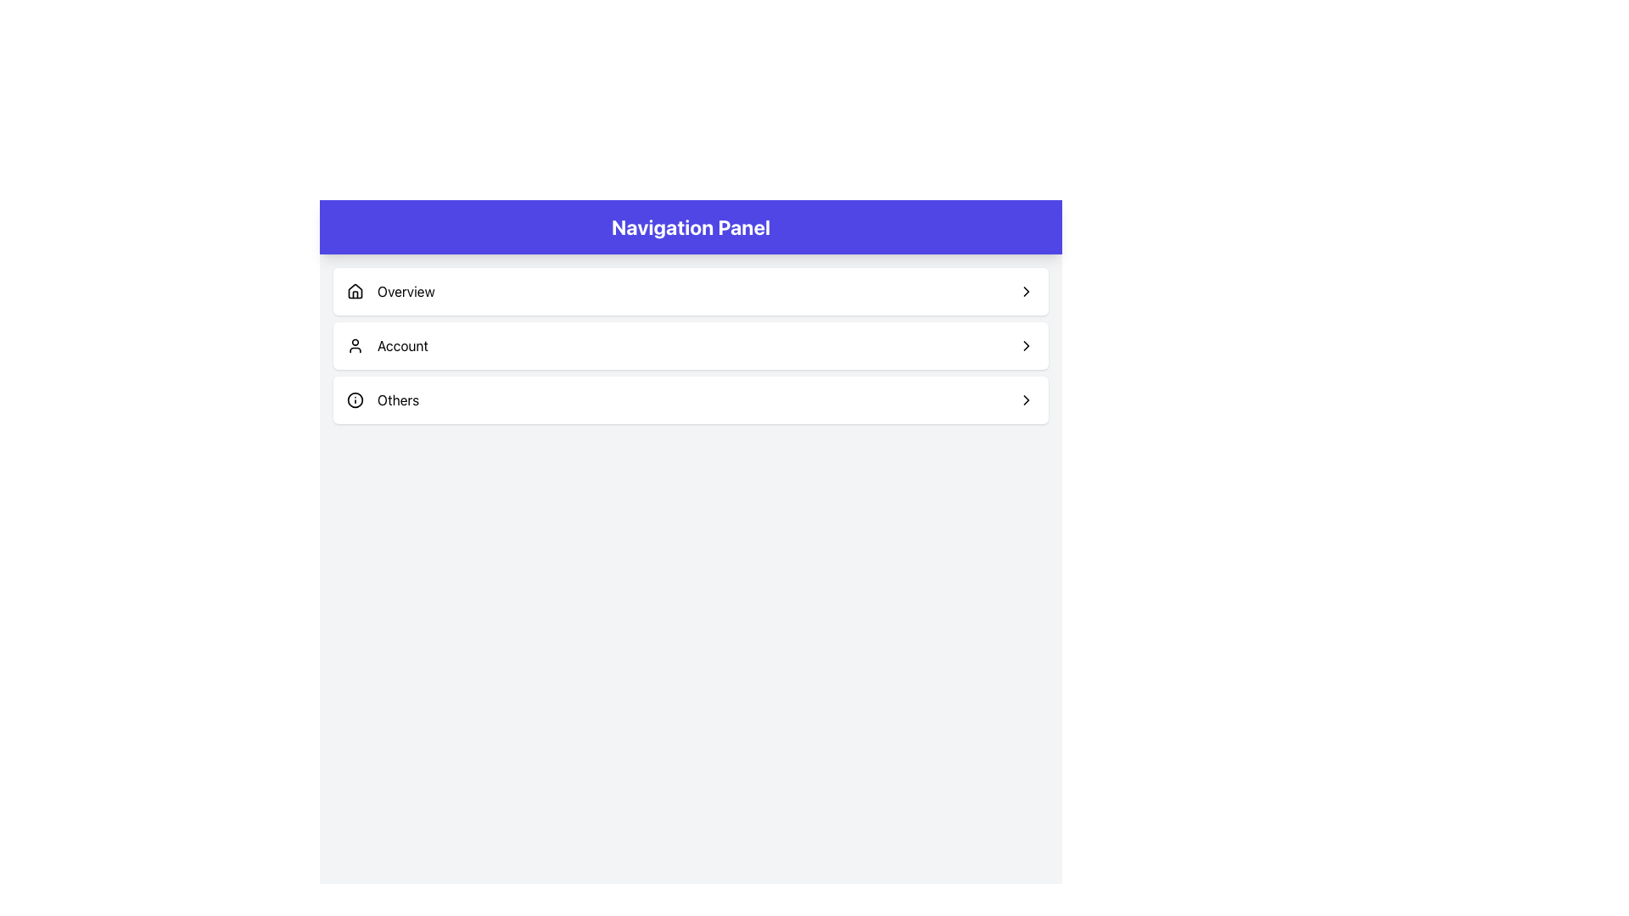  Describe the element at coordinates (354, 399) in the screenshot. I see `the icon that serves as a visual indicator for the 'Others' navigation option, located to the left of the 'Others' text in the third position of a vertically stacked list` at that location.